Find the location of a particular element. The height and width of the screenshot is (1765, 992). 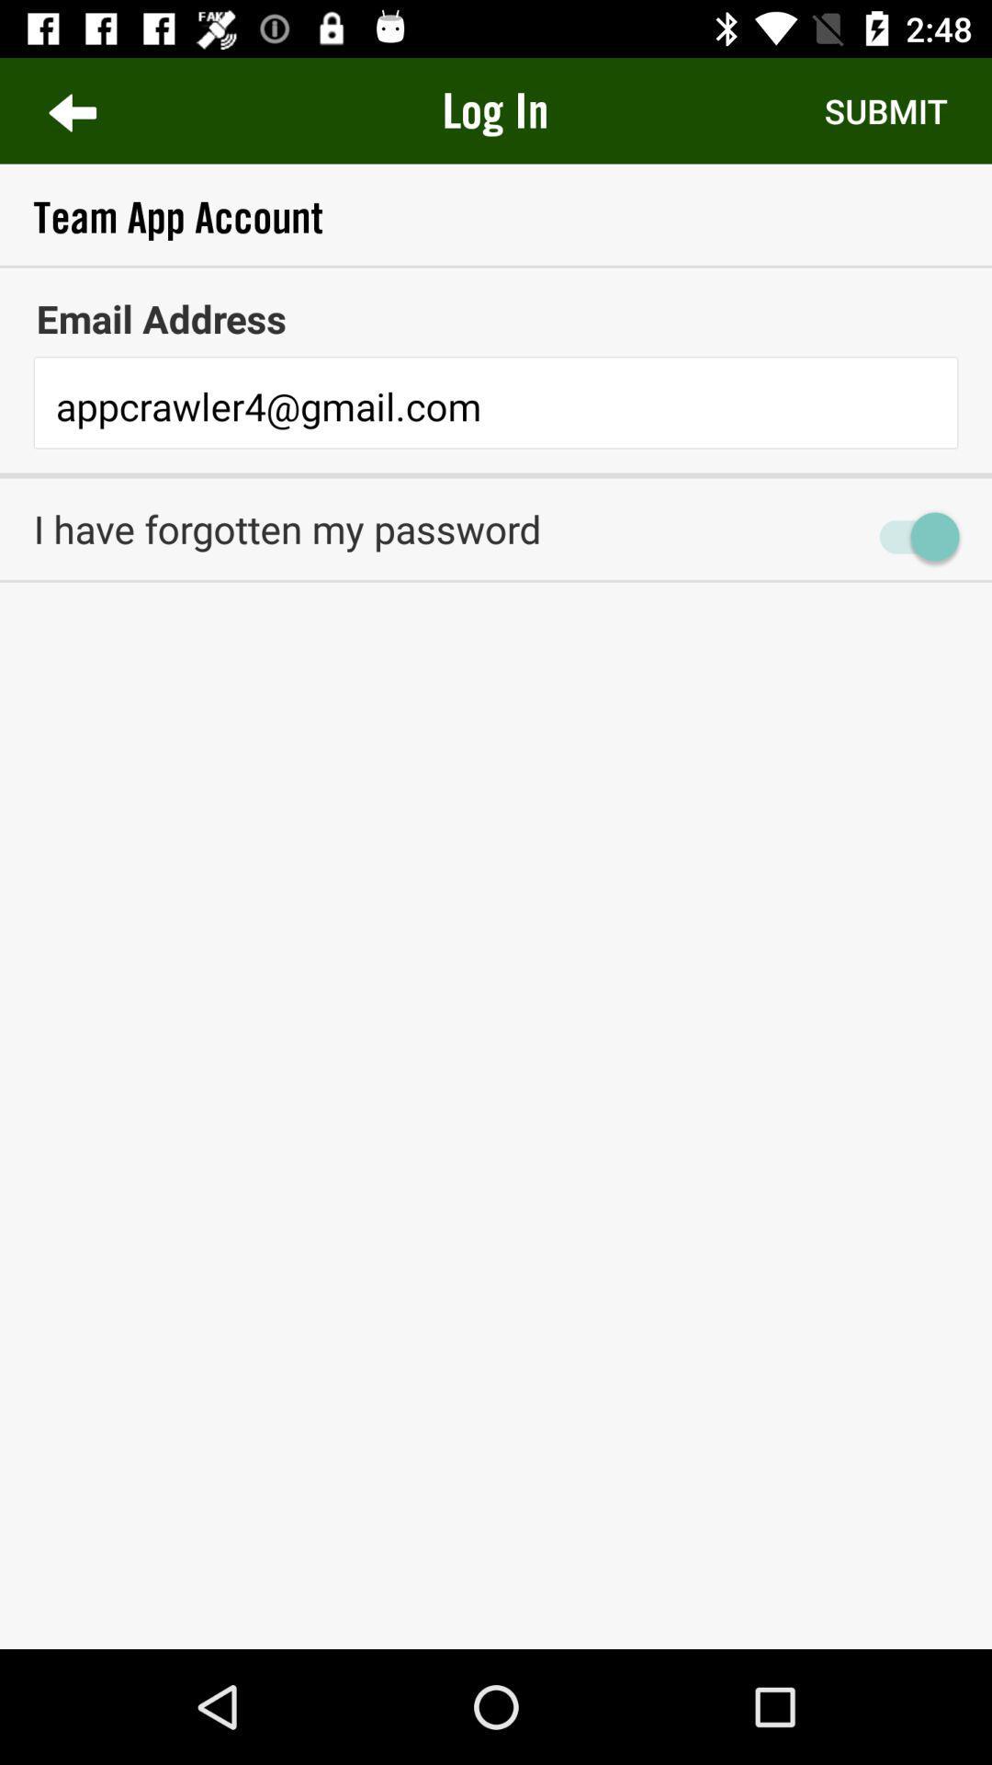

log in is located at coordinates (494, 109).